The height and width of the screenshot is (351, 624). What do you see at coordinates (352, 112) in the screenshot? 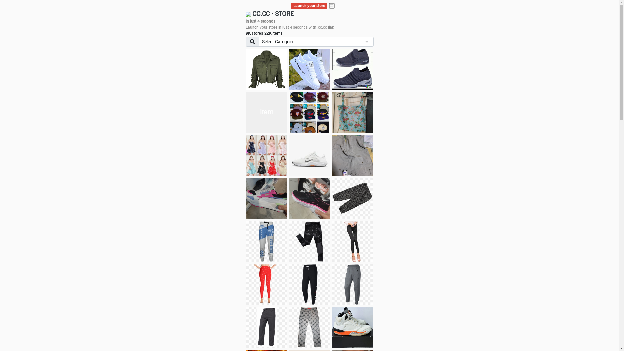
I see `'Ukay cloth'` at bounding box center [352, 112].